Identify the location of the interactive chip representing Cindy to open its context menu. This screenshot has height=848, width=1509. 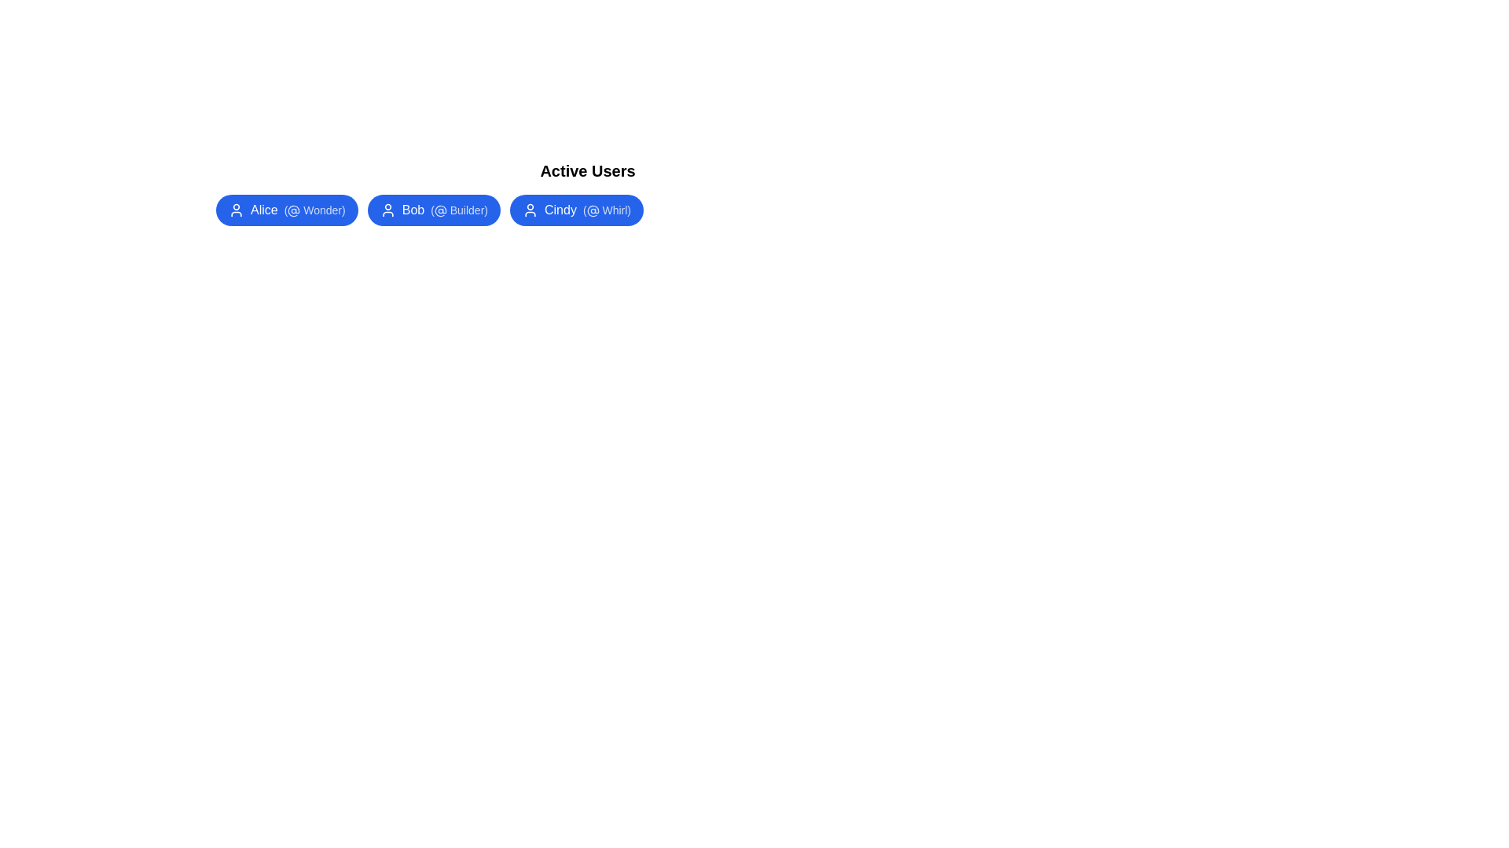
(576, 209).